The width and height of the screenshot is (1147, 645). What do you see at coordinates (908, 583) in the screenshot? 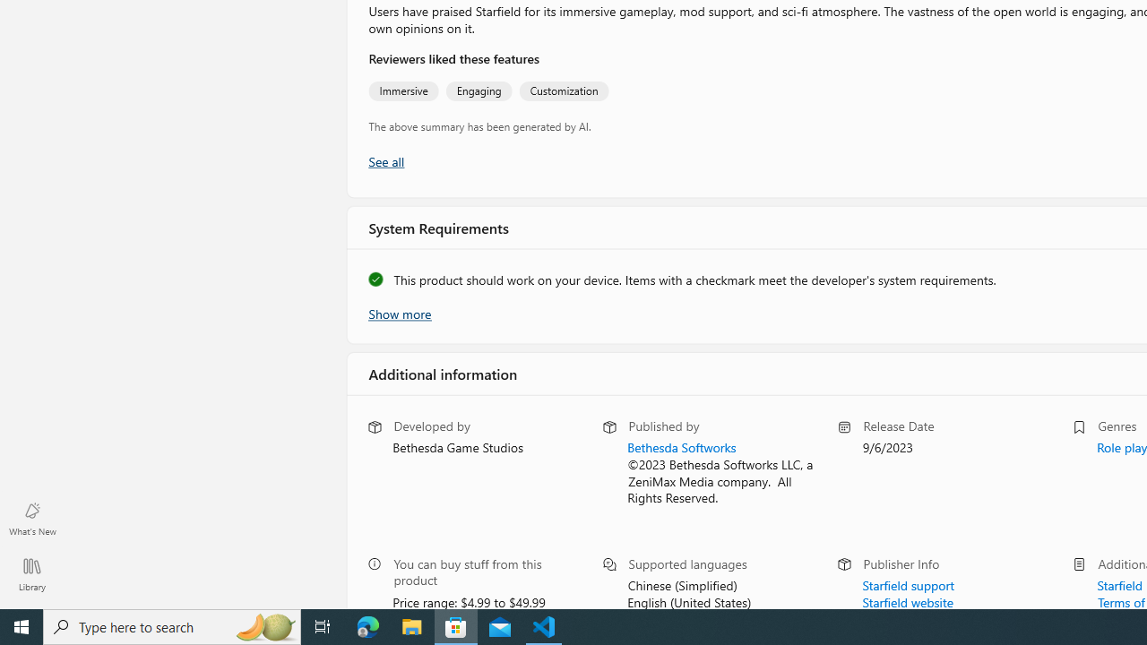
I see `'Starfield support'` at bounding box center [908, 583].